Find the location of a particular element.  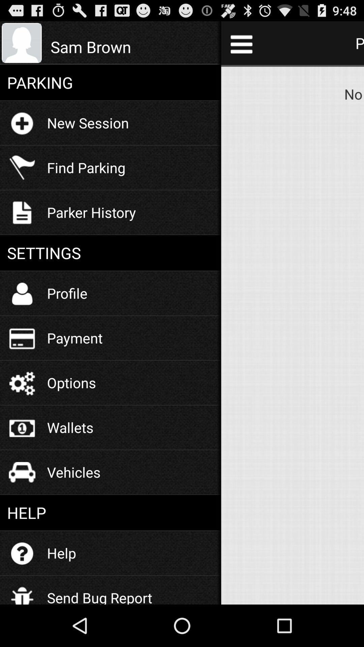

the new session item is located at coordinates (88, 123).